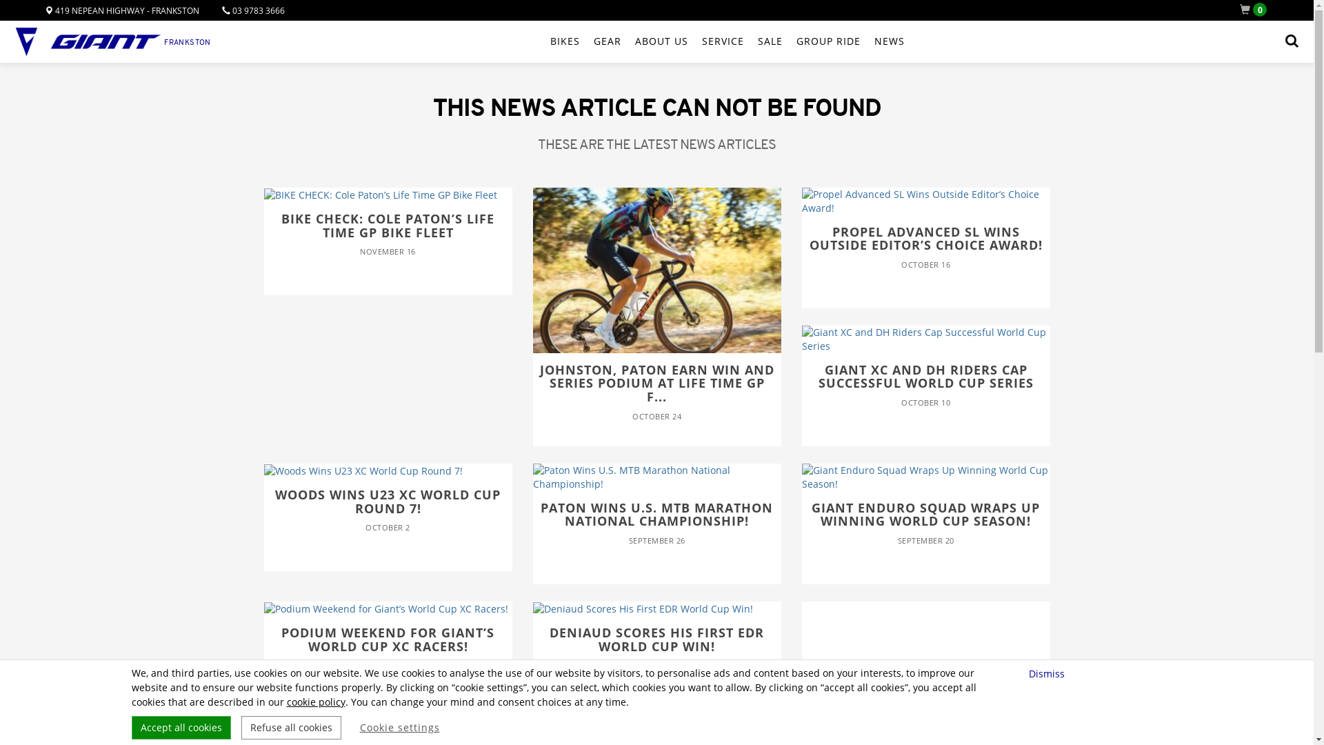 Image resolution: width=1324 pixels, height=745 pixels. What do you see at coordinates (593, 41) in the screenshot?
I see `'GEAR'` at bounding box center [593, 41].